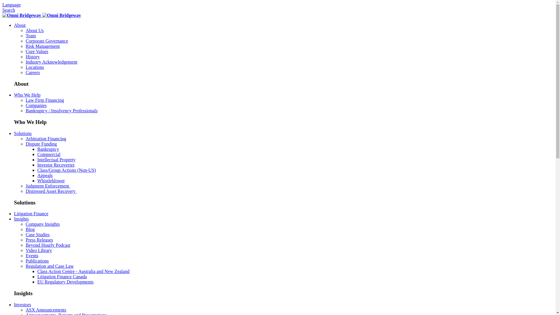  What do you see at coordinates (32, 255) in the screenshot?
I see `'Events'` at bounding box center [32, 255].